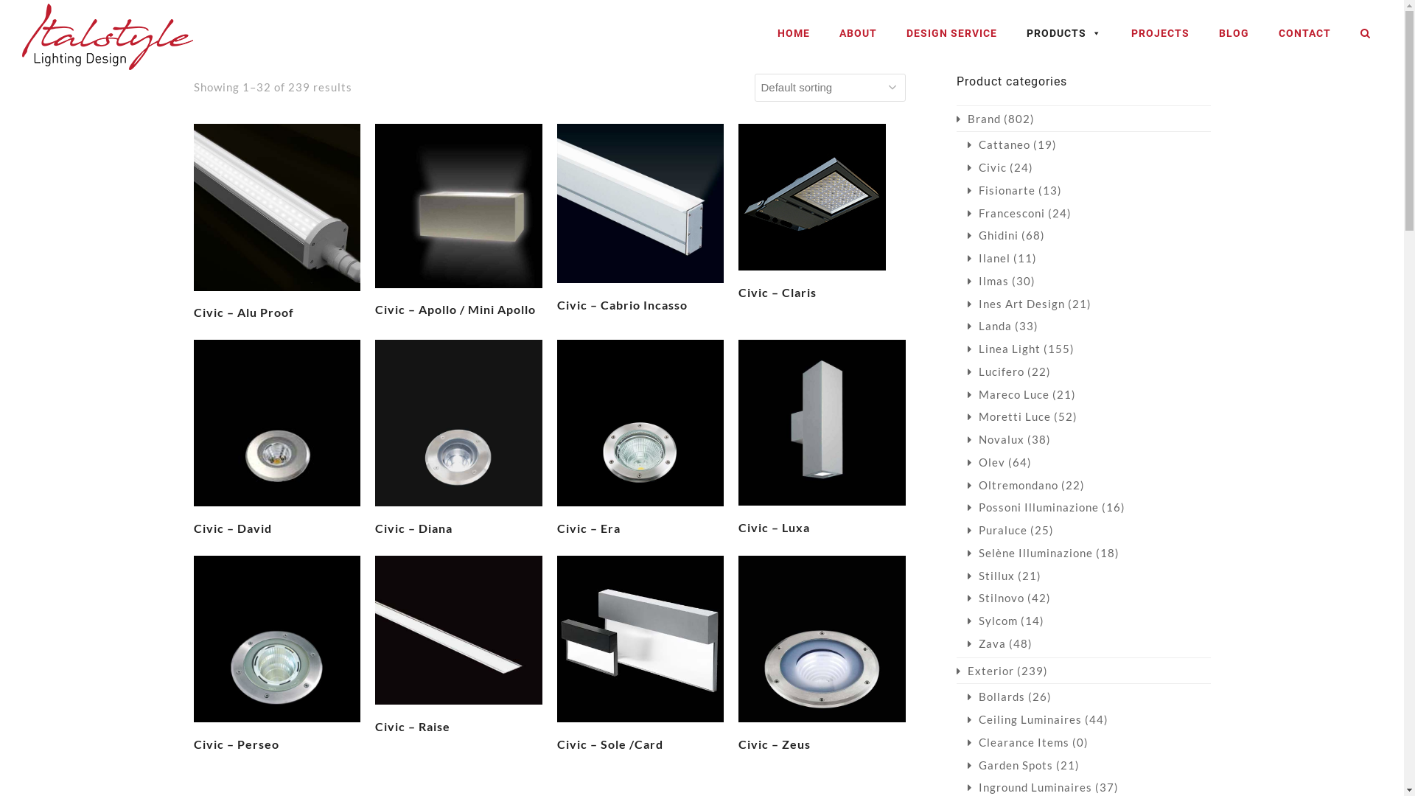  Describe the element at coordinates (1064, 33) in the screenshot. I see `'PRODUCTS'` at that location.